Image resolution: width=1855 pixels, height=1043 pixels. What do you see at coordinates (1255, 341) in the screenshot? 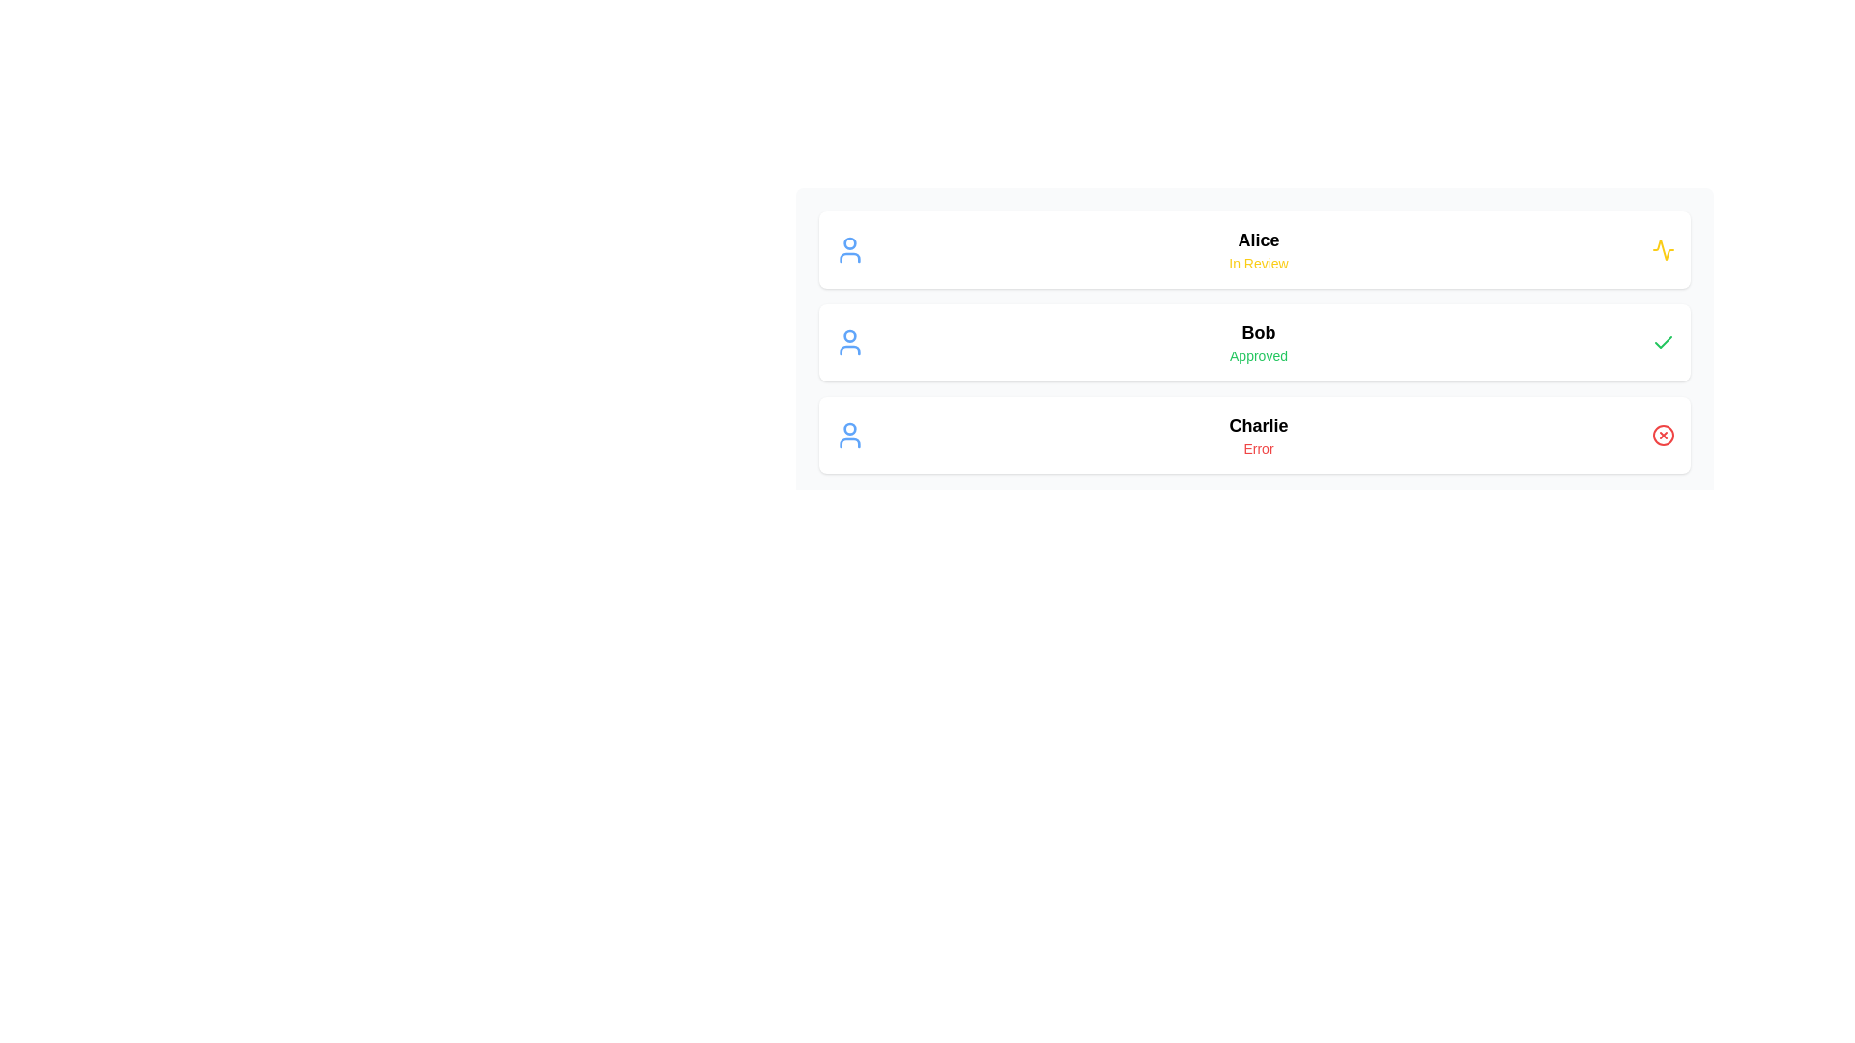
I see `the Information Display Block that contains the user icon for 'Bob' with 'Approved' text beneath it and a checkmark icon on the right` at bounding box center [1255, 341].